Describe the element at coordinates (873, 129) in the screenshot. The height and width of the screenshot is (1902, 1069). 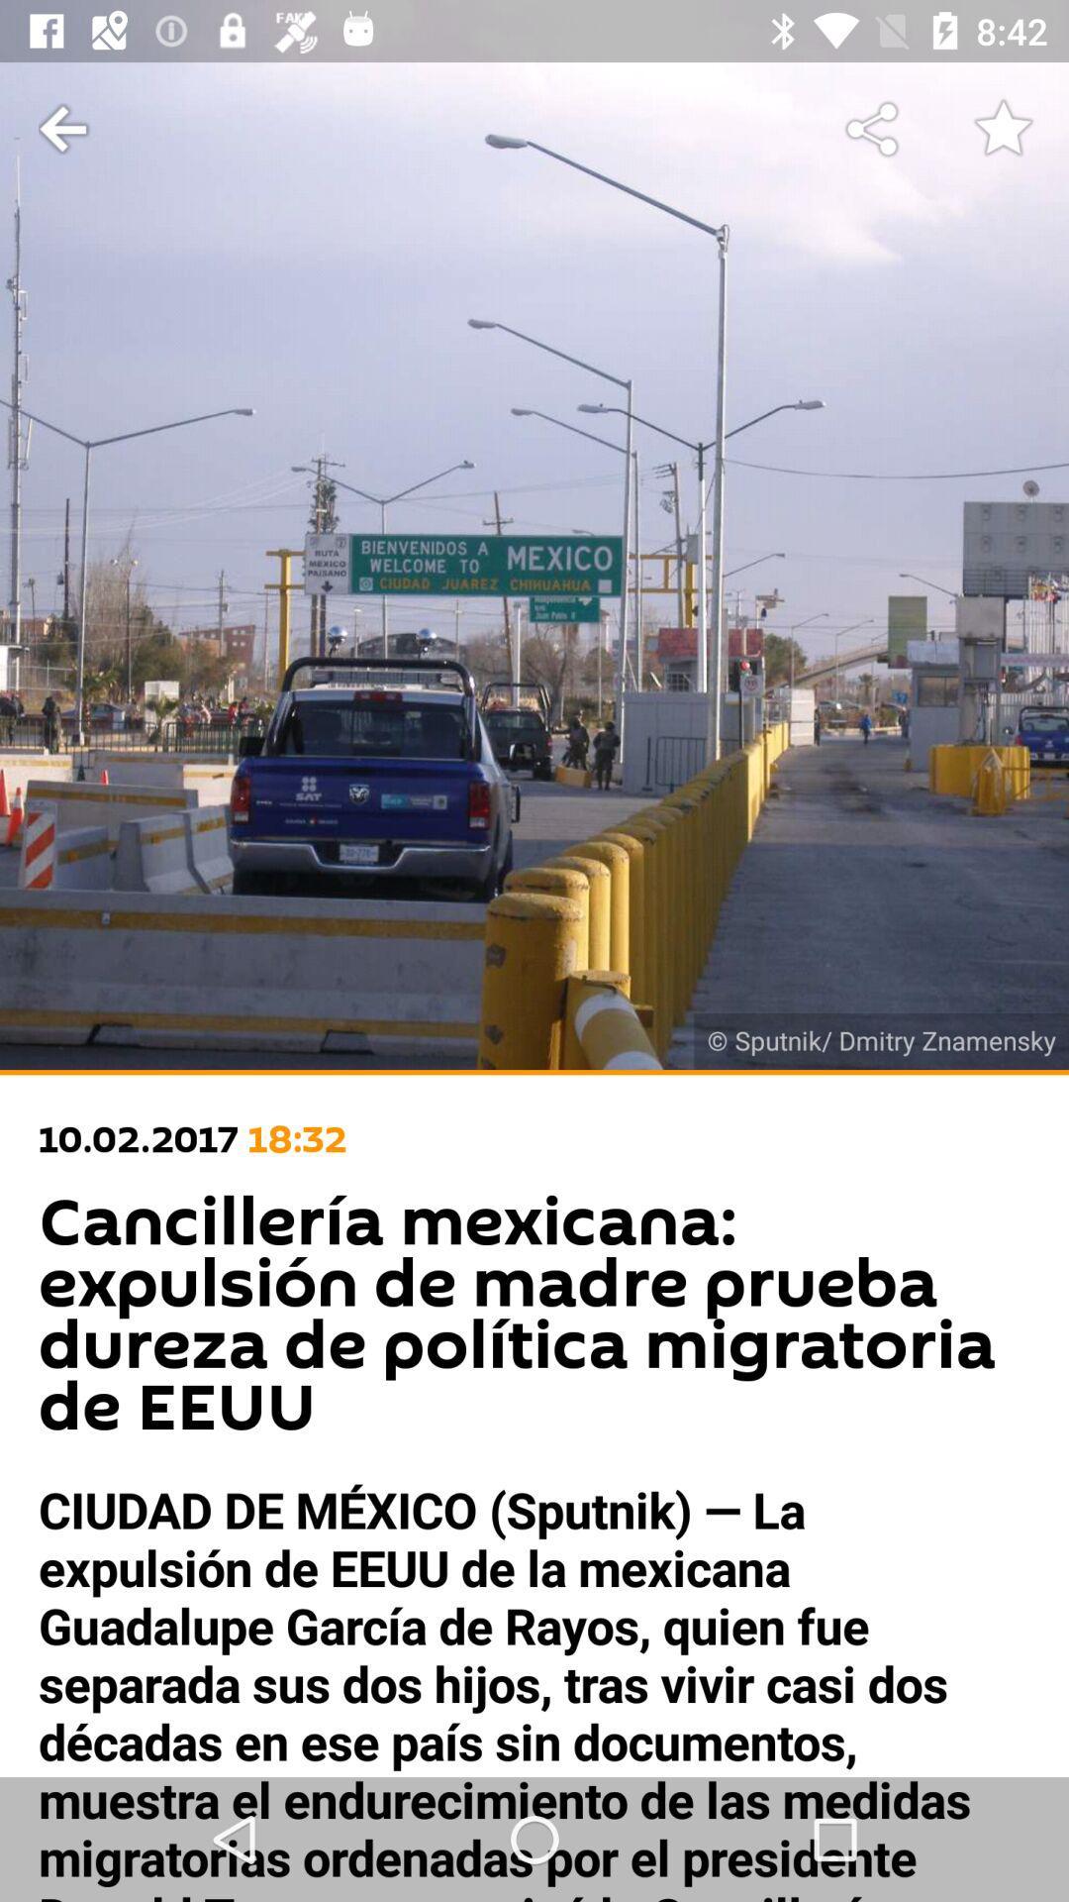
I see `the share icon` at that location.